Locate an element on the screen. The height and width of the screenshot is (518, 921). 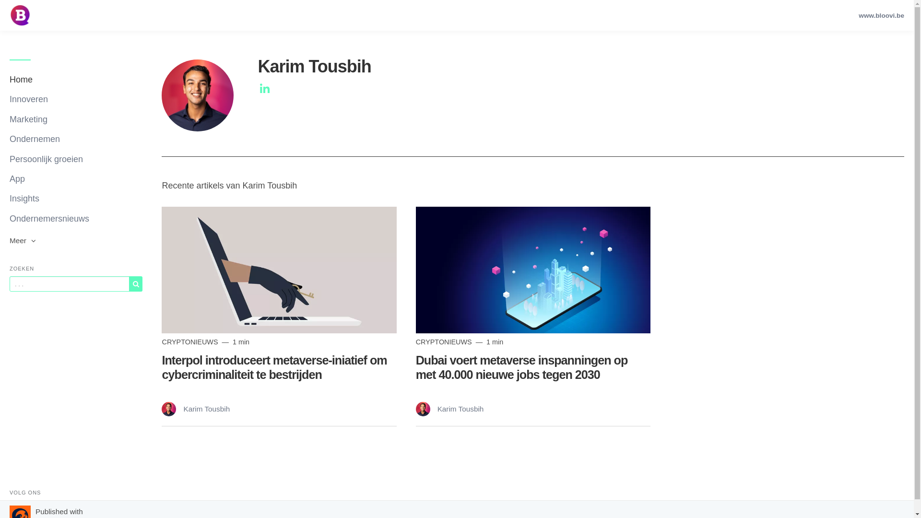
'Marketing' is located at coordinates (75, 119).